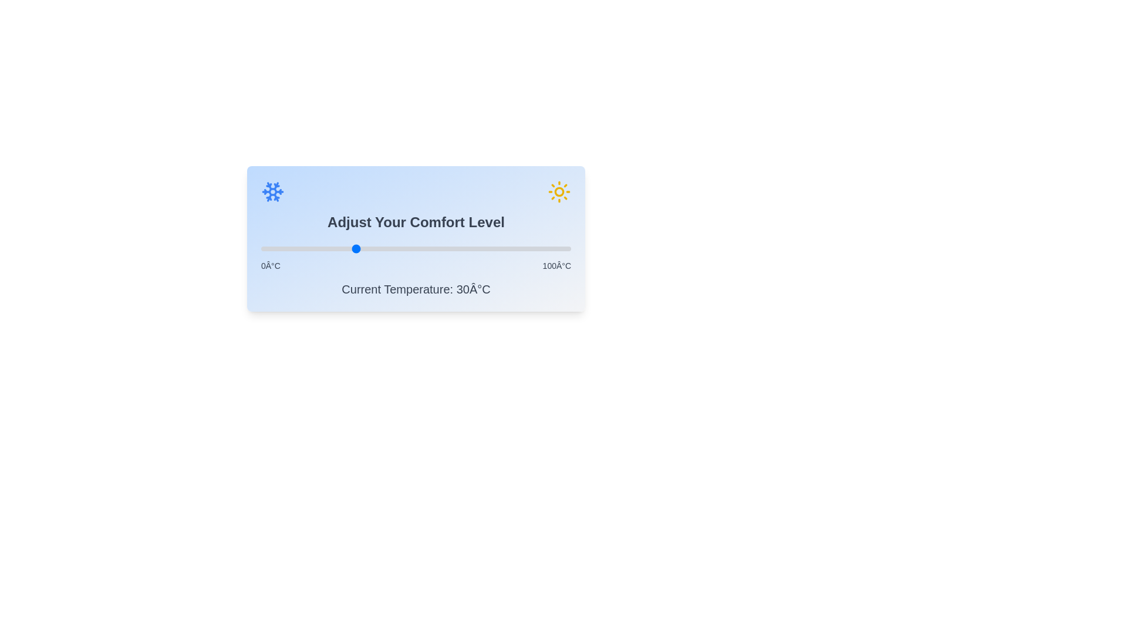  Describe the element at coordinates (559, 191) in the screenshot. I see `the sun icon to interact with it` at that location.